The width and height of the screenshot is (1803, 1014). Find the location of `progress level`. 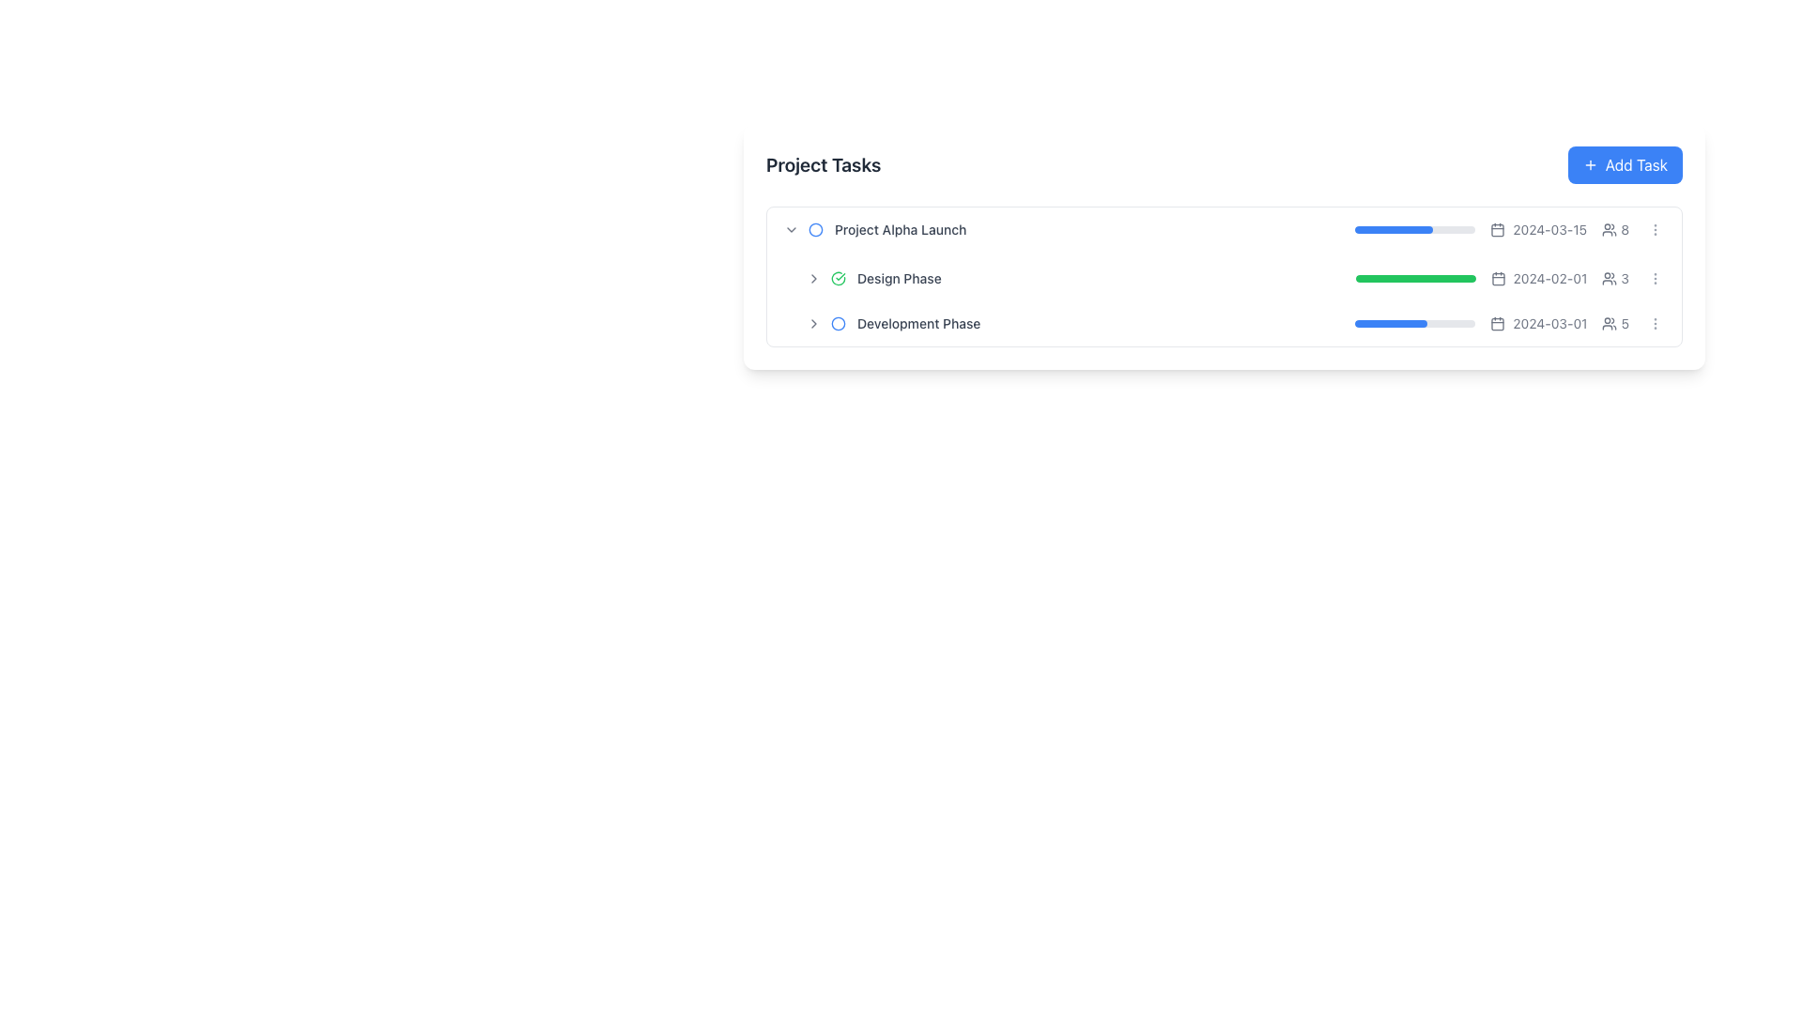

progress level is located at coordinates (1457, 279).